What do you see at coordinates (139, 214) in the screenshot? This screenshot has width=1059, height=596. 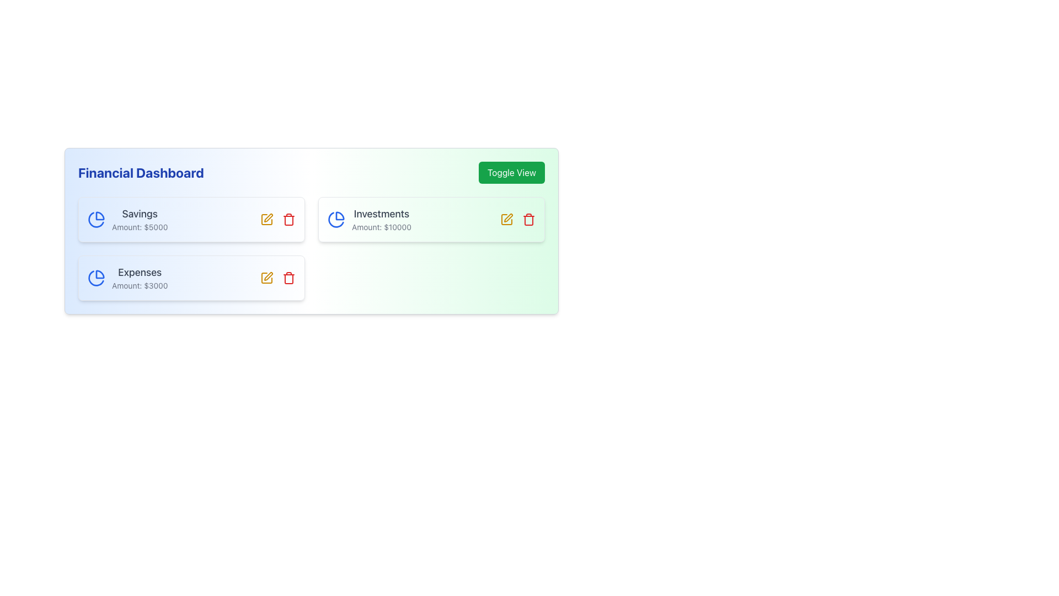 I see `the label indicating the savings category, which is positioned to the right of a blue clock-like icon and above the text 'Amount: $5000'` at bounding box center [139, 214].